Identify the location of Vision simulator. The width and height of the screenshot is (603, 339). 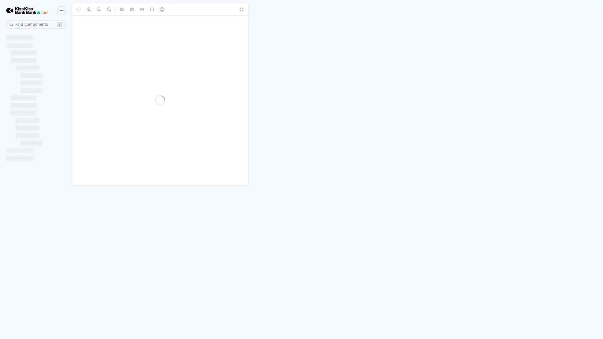
(220, 9).